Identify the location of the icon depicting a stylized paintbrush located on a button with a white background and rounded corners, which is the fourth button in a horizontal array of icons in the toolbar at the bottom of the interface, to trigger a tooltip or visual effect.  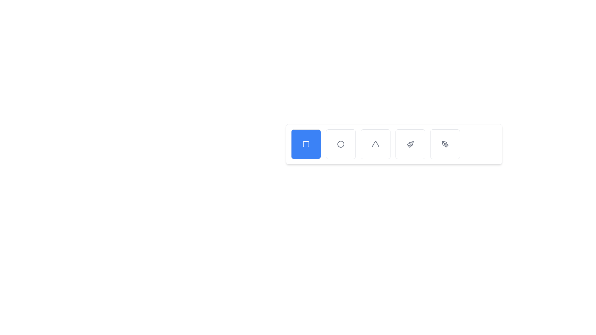
(410, 144).